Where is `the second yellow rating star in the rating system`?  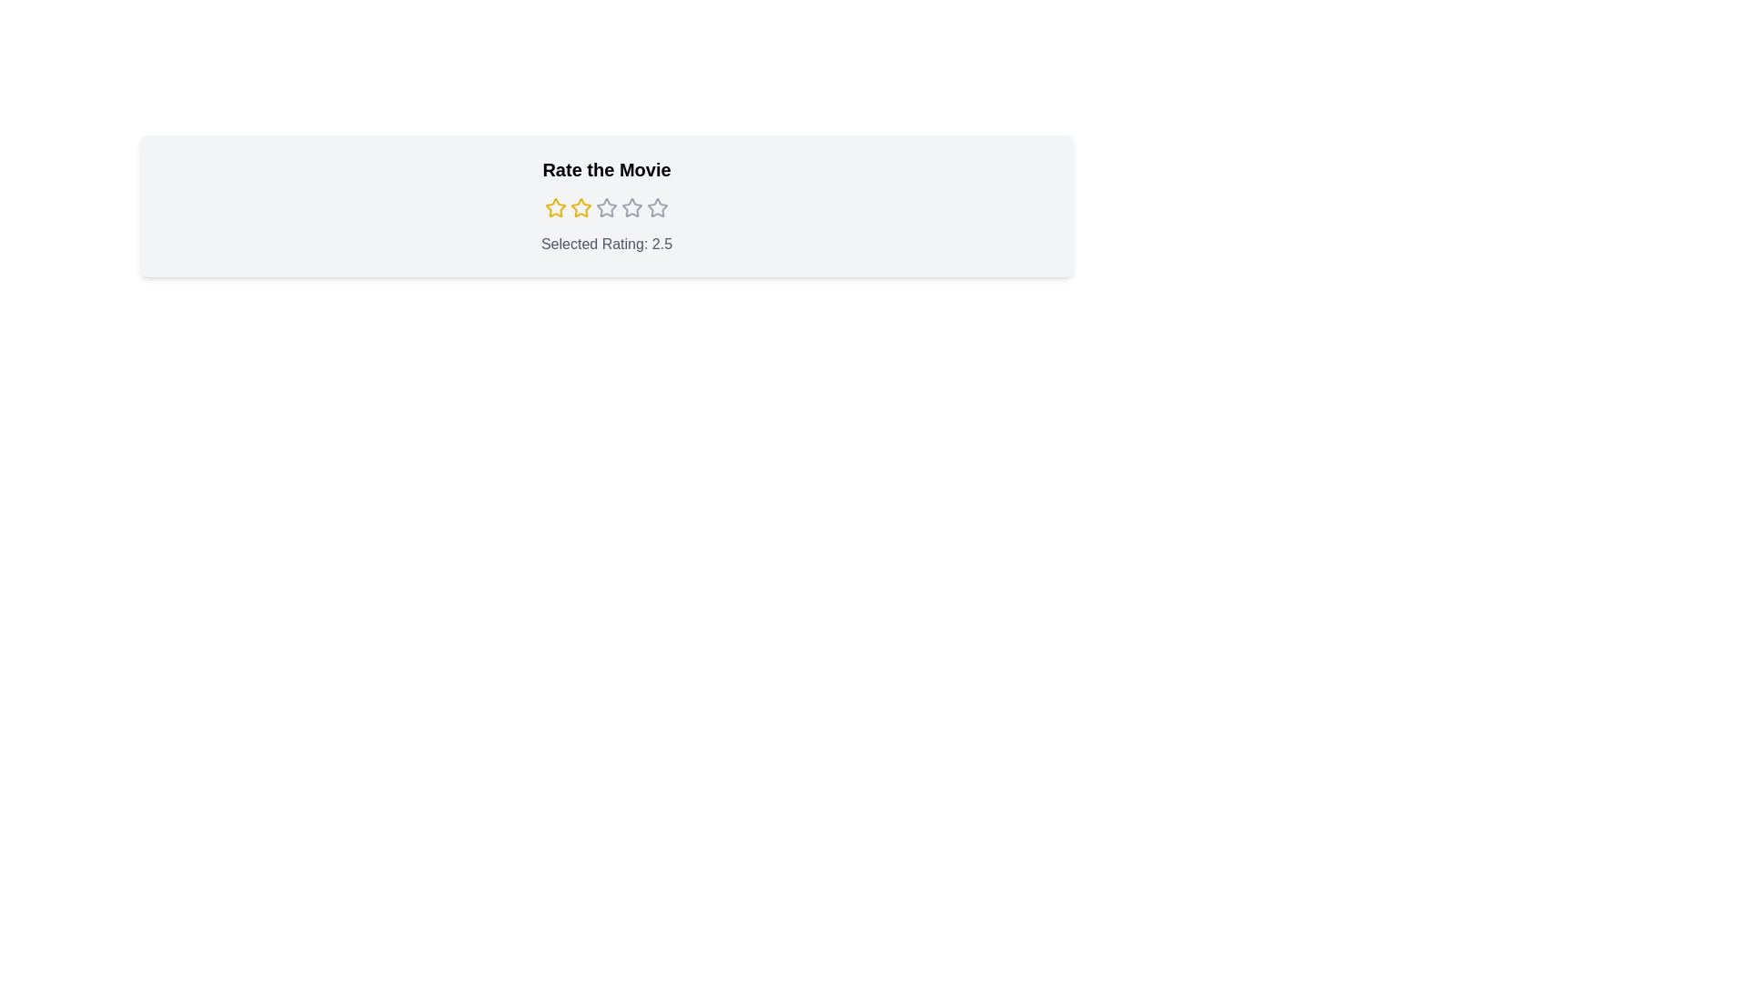
the second yellow rating star in the rating system is located at coordinates (580, 206).